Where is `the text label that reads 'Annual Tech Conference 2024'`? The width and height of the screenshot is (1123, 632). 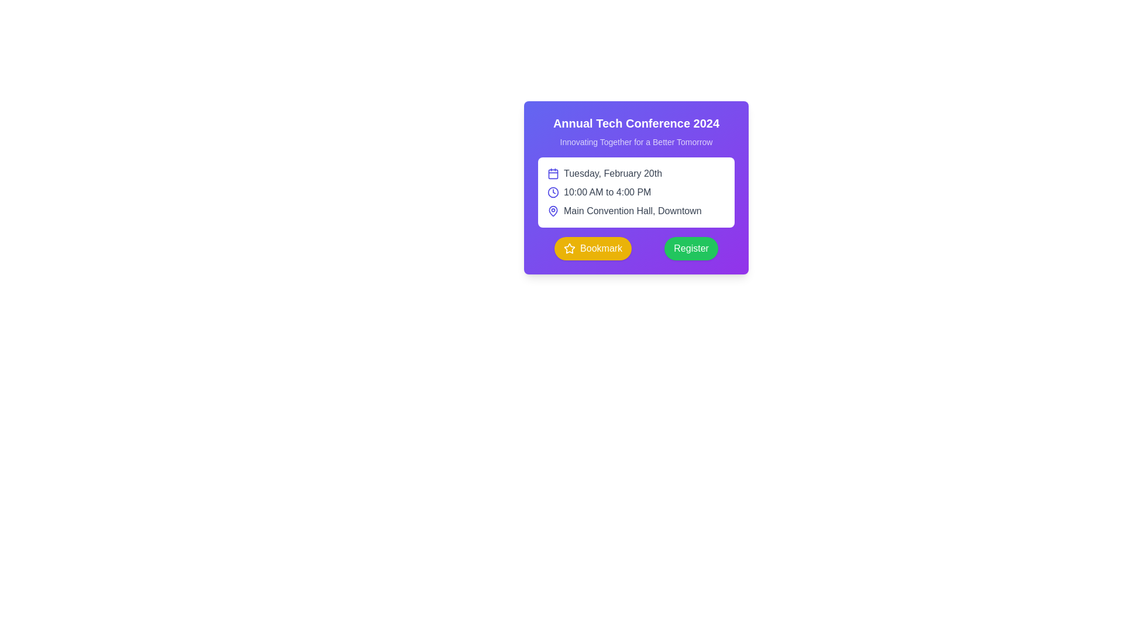 the text label that reads 'Annual Tech Conference 2024' is located at coordinates (636, 123).